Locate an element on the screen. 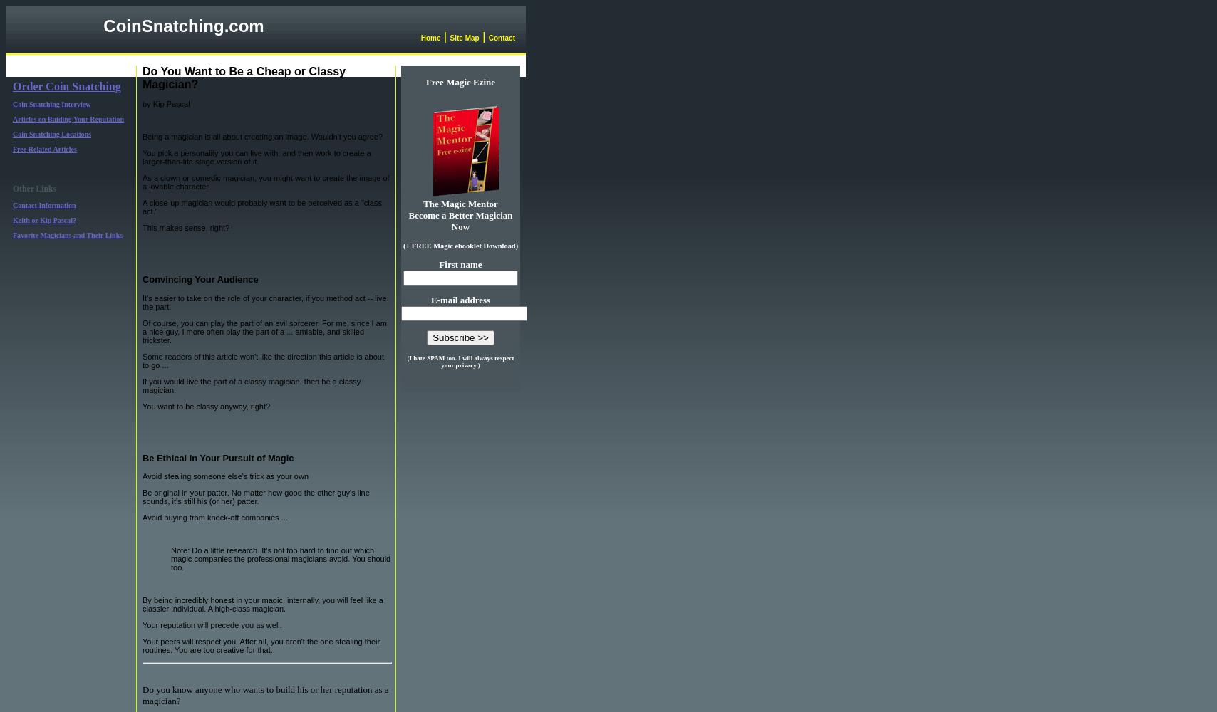 The height and width of the screenshot is (712, 1217). 'You pick a personality you can live with, and then work to create a larger-than-life stage version of it.' is located at coordinates (143, 157).